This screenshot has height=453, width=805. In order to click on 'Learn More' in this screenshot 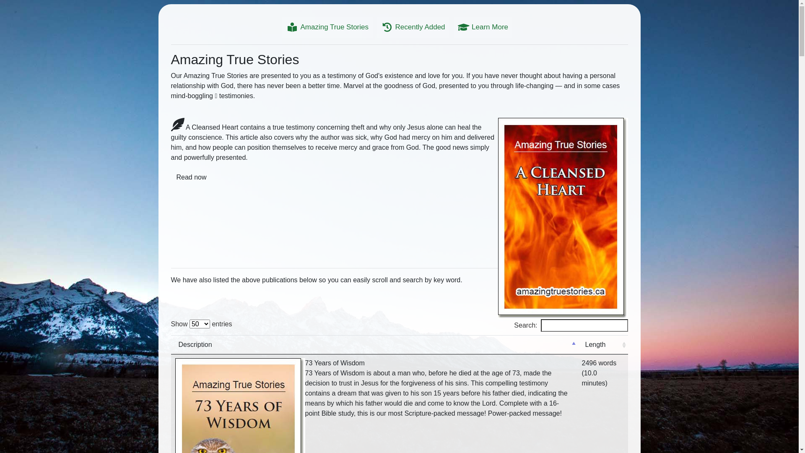, I will do `click(483, 27)`.